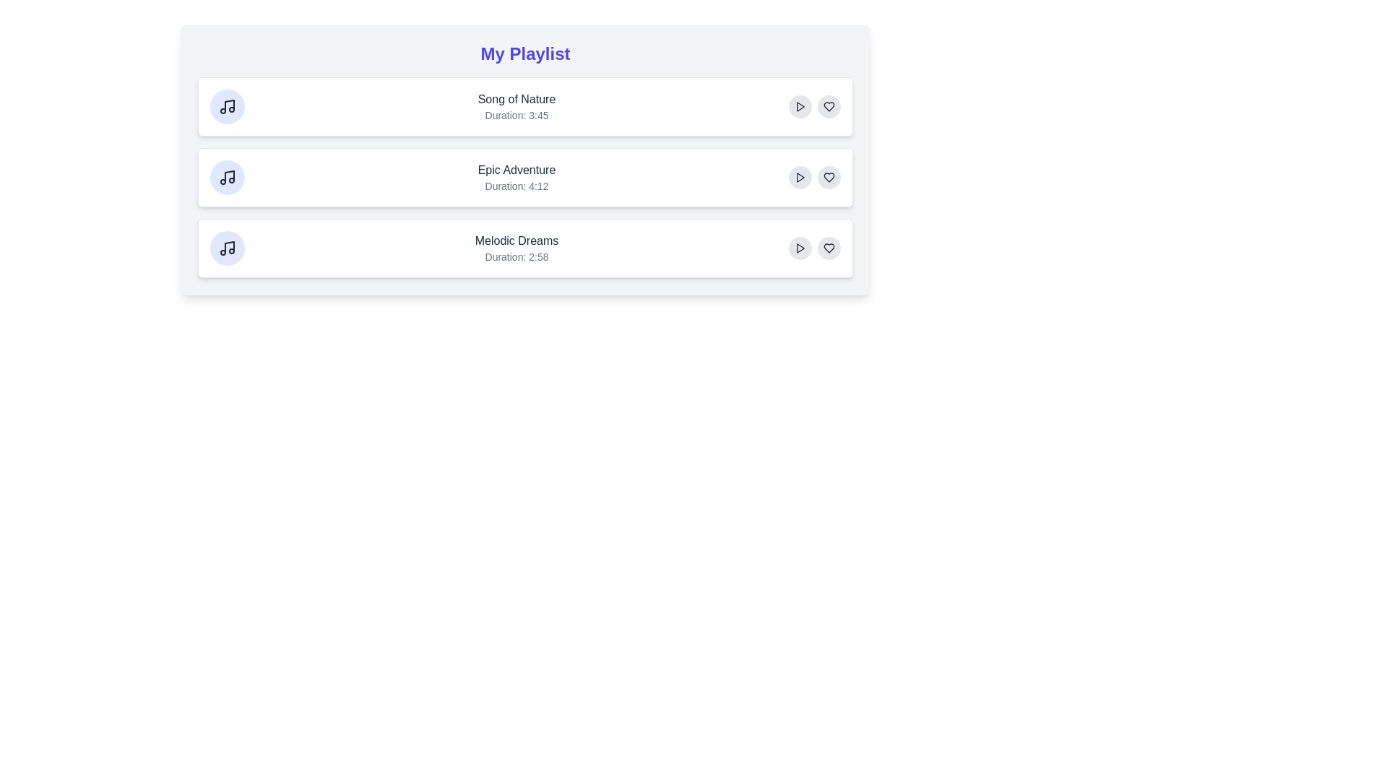 The width and height of the screenshot is (1387, 780). Describe the element at coordinates (524, 177) in the screenshot. I see `the track Epic Adventure from the playlist` at that location.